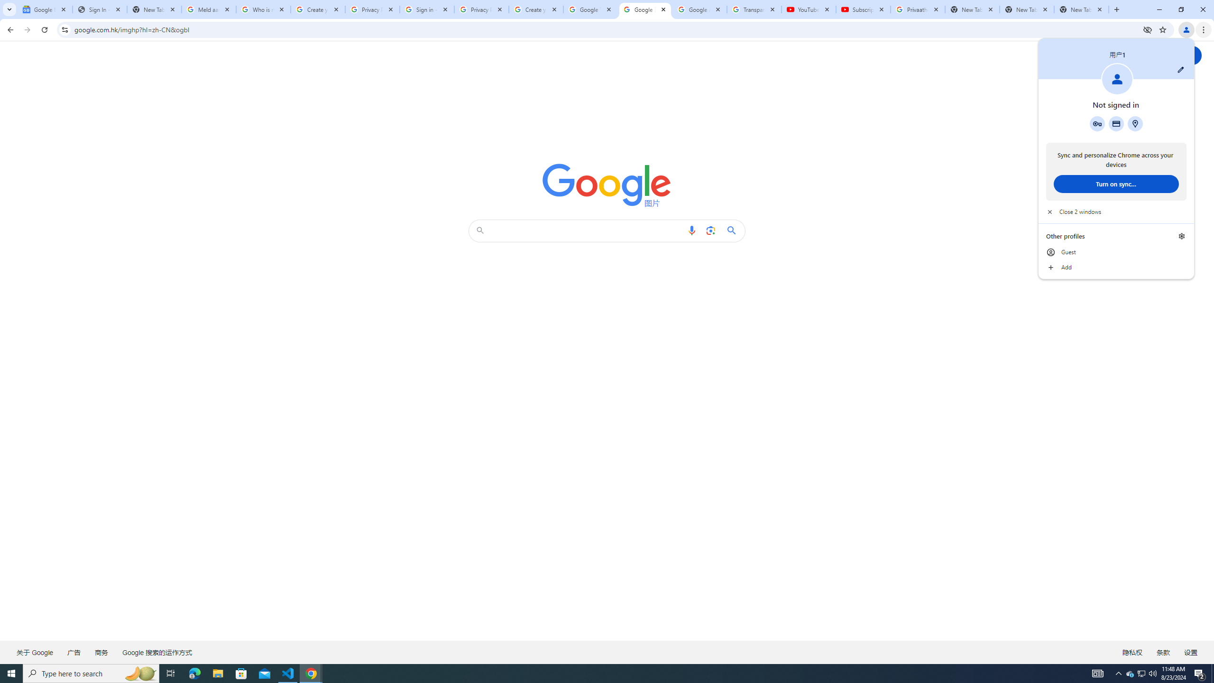  I want to click on 'Close 2 windows', so click(1115, 212).